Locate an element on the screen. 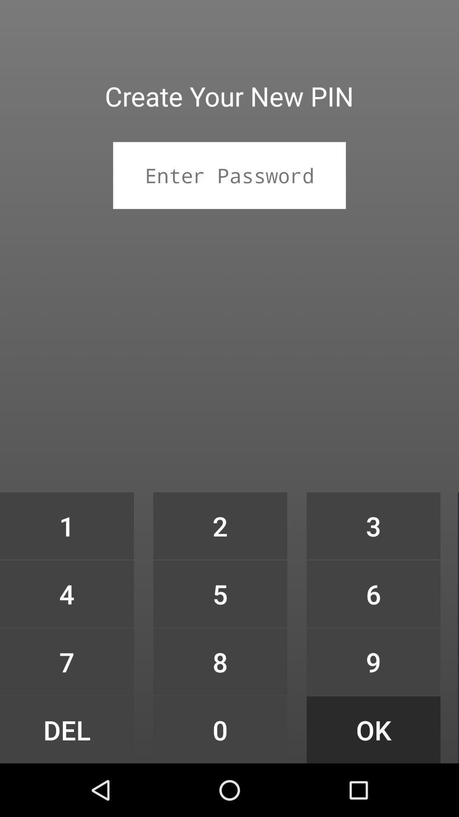 Image resolution: width=459 pixels, height=817 pixels. icon next to 8 item is located at coordinates (66, 729).